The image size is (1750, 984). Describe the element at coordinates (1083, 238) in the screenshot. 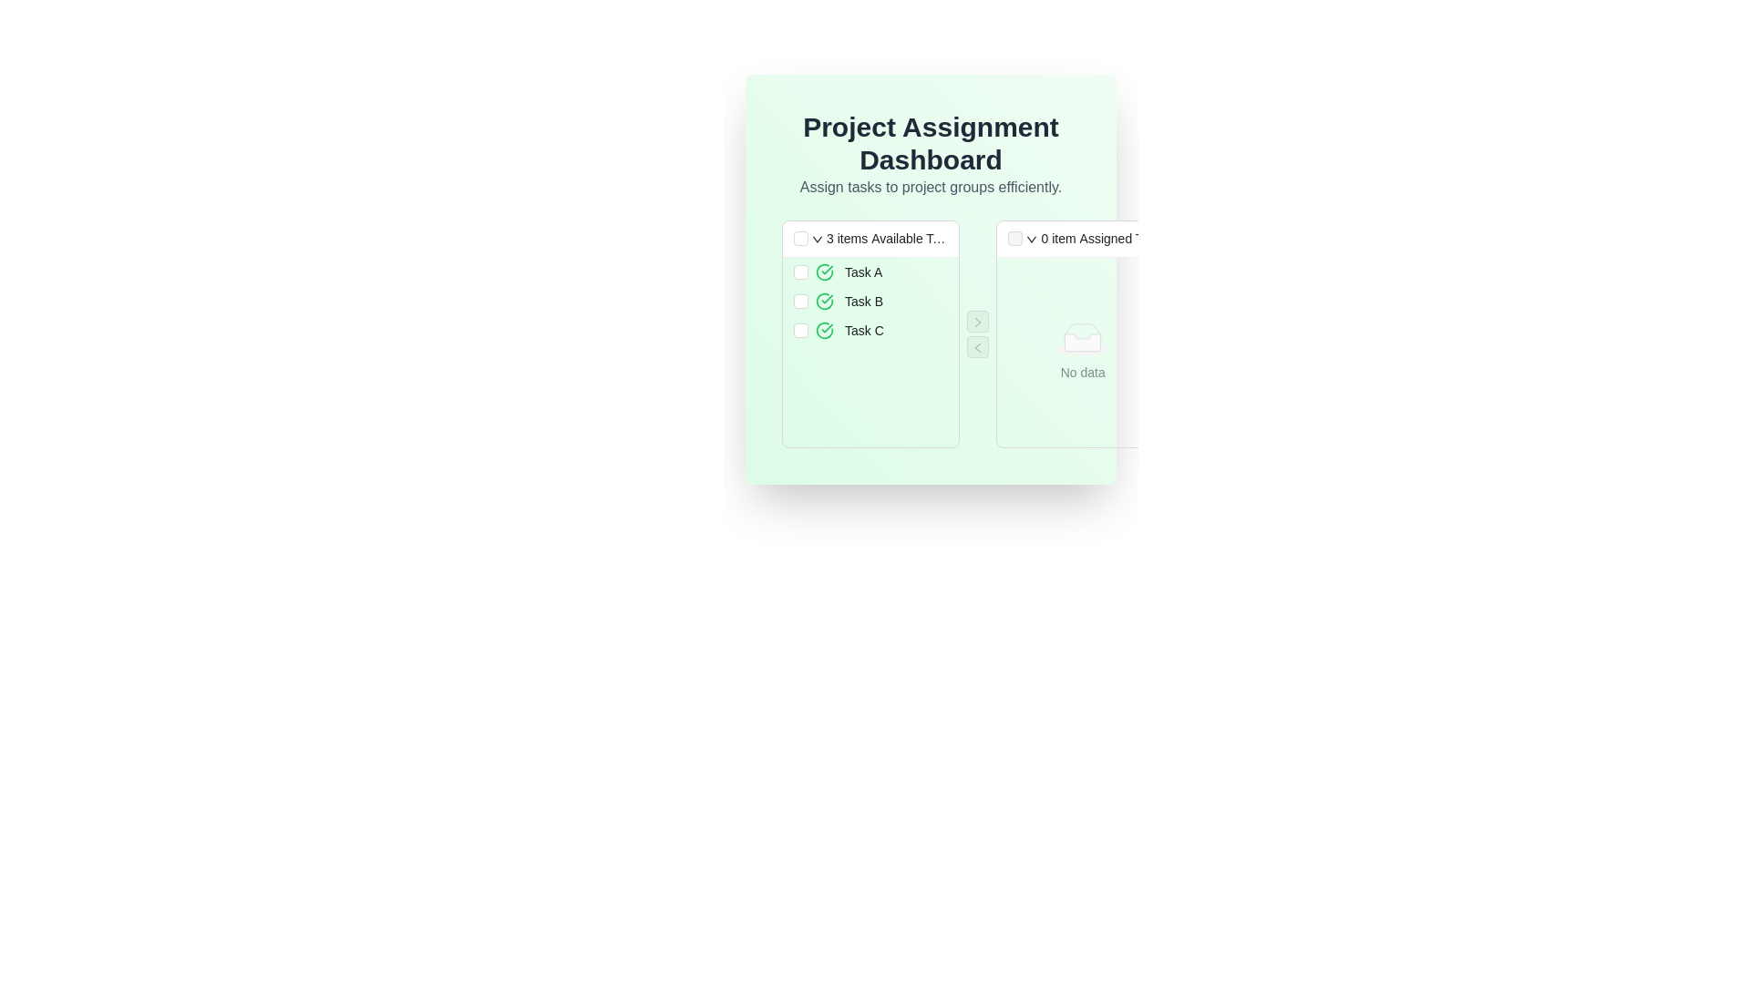

I see `the dropdown icon in the header of the Assigned Tasks transfer list` at that location.